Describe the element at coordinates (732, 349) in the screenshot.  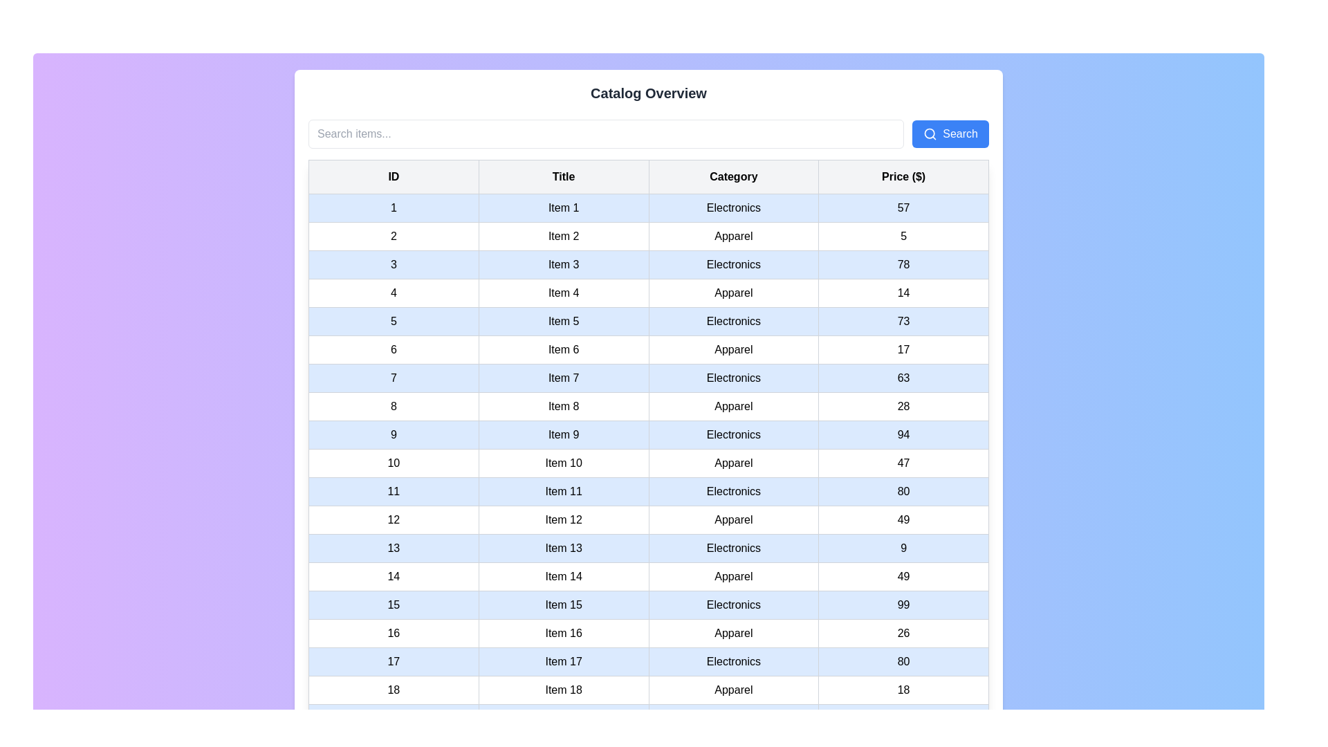
I see `text from the table cell representing the category type 'Apparel' for 'Item 6' in the 'Category' column` at that location.